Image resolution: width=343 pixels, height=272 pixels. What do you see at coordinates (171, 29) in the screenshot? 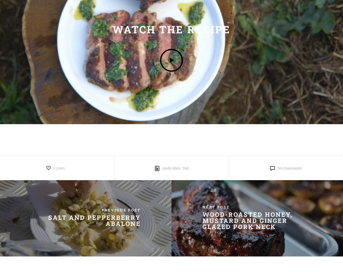
I see `'Watch The Recipe'` at bounding box center [171, 29].